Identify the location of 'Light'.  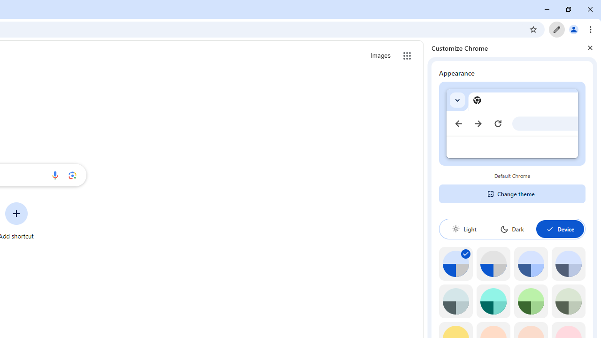
(464, 229).